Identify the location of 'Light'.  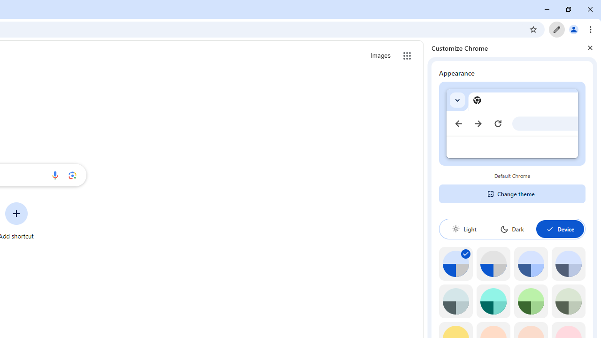
(464, 229).